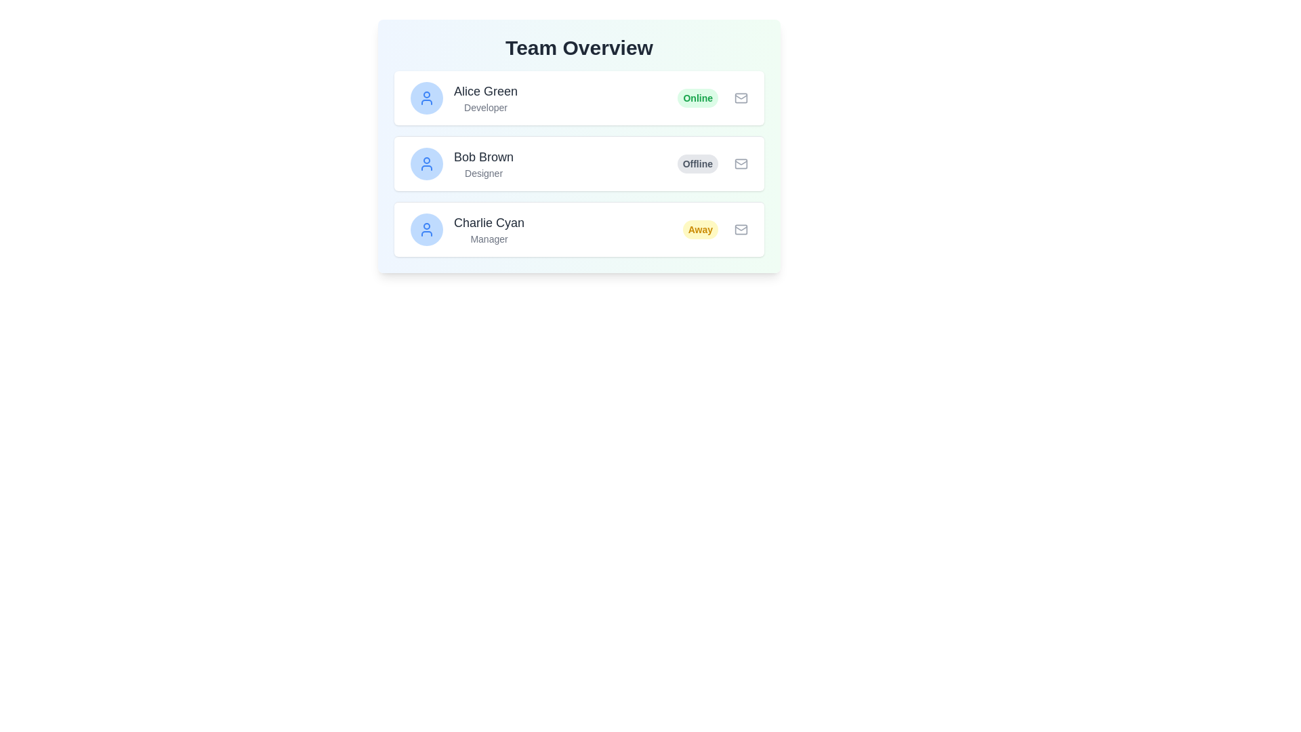 This screenshot has height=732, width=1301. I want to click on the top closure segment of the envelope icon, which is a small SVG graphical element positioned near the text 'Offline' and the second user entry, so click(741, 227).